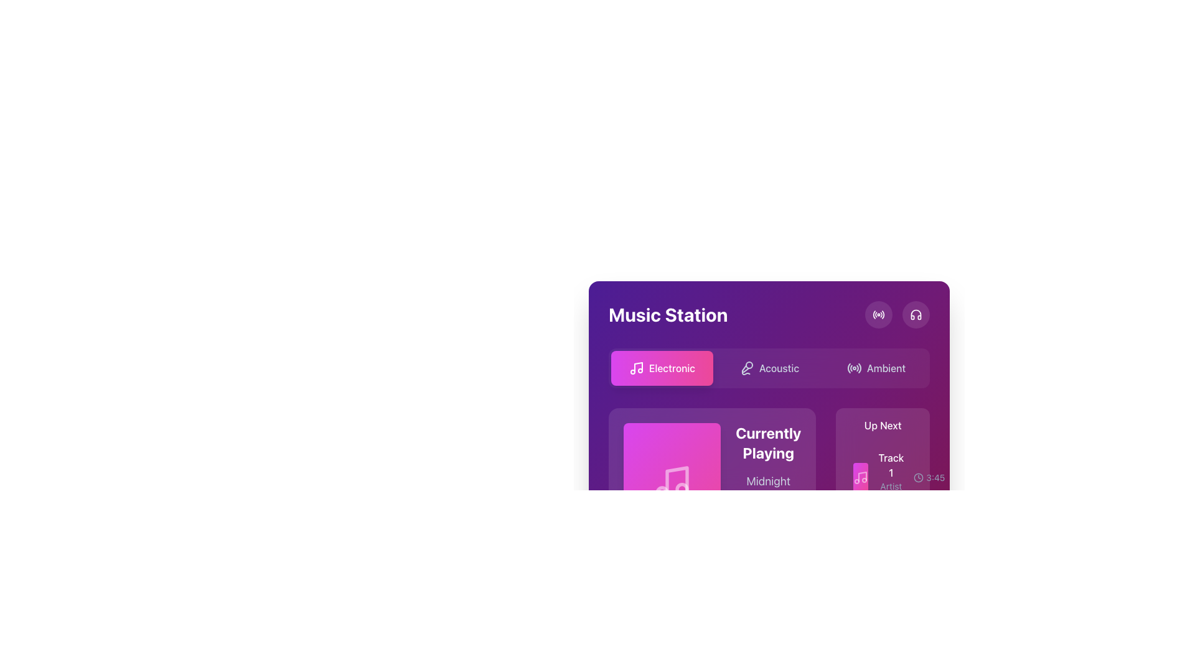  Describe the element at coordinates (873, 314) in the screenshot. I see `the curved line segment of the circular structure within the SVG icon that represents an outermost arc` at that location.